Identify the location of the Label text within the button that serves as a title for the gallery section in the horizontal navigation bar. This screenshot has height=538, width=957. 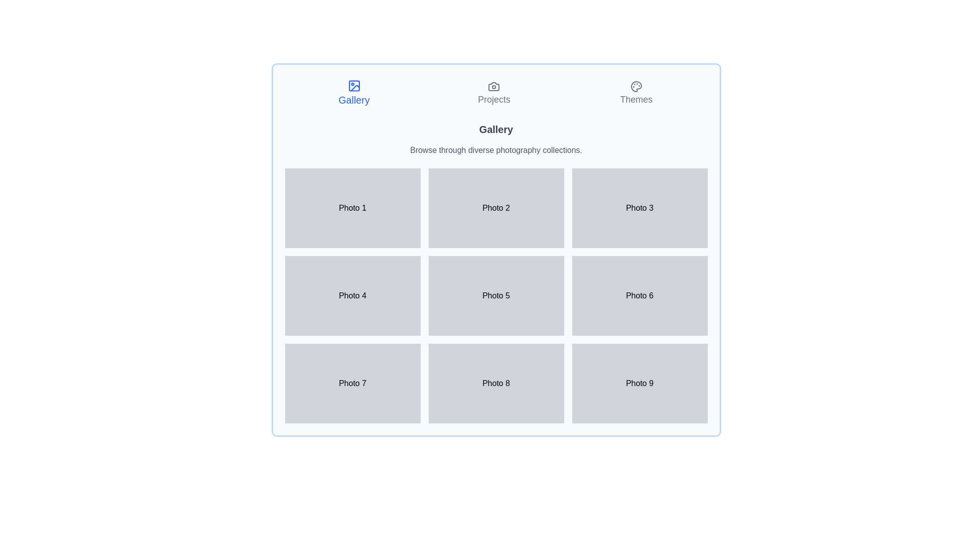
(354, 100).